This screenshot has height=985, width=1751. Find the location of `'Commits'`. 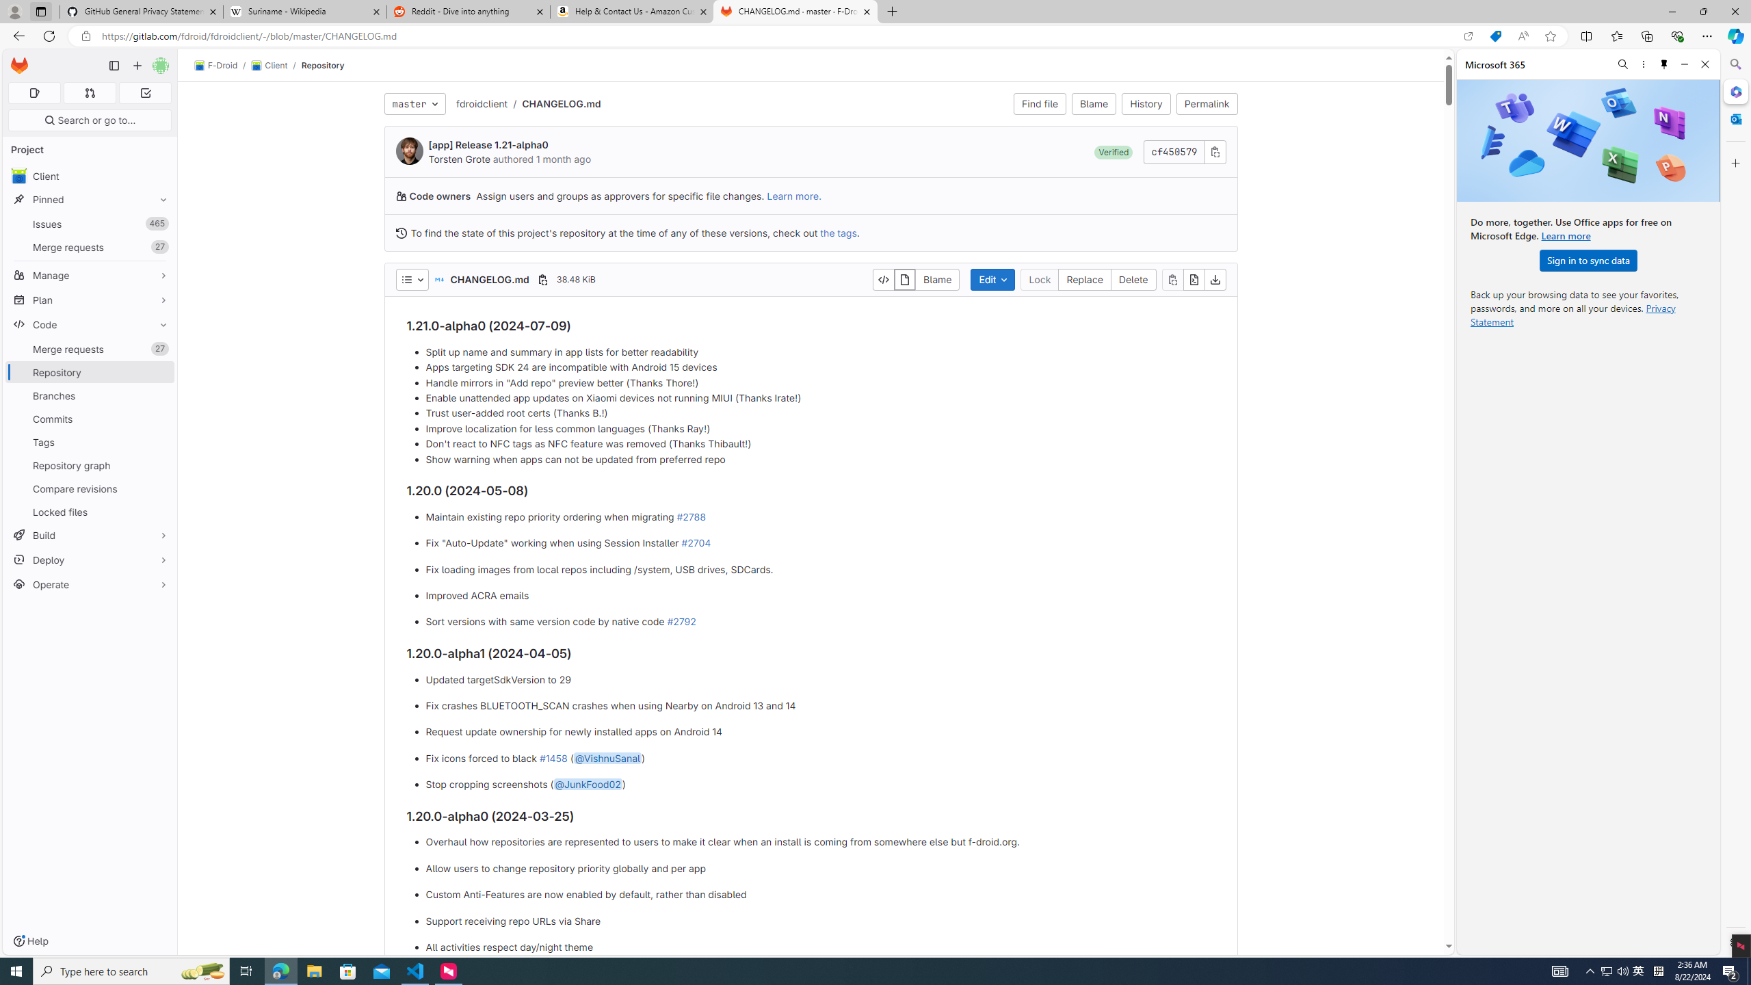

'Commits' is located at coordinates (89, 419).